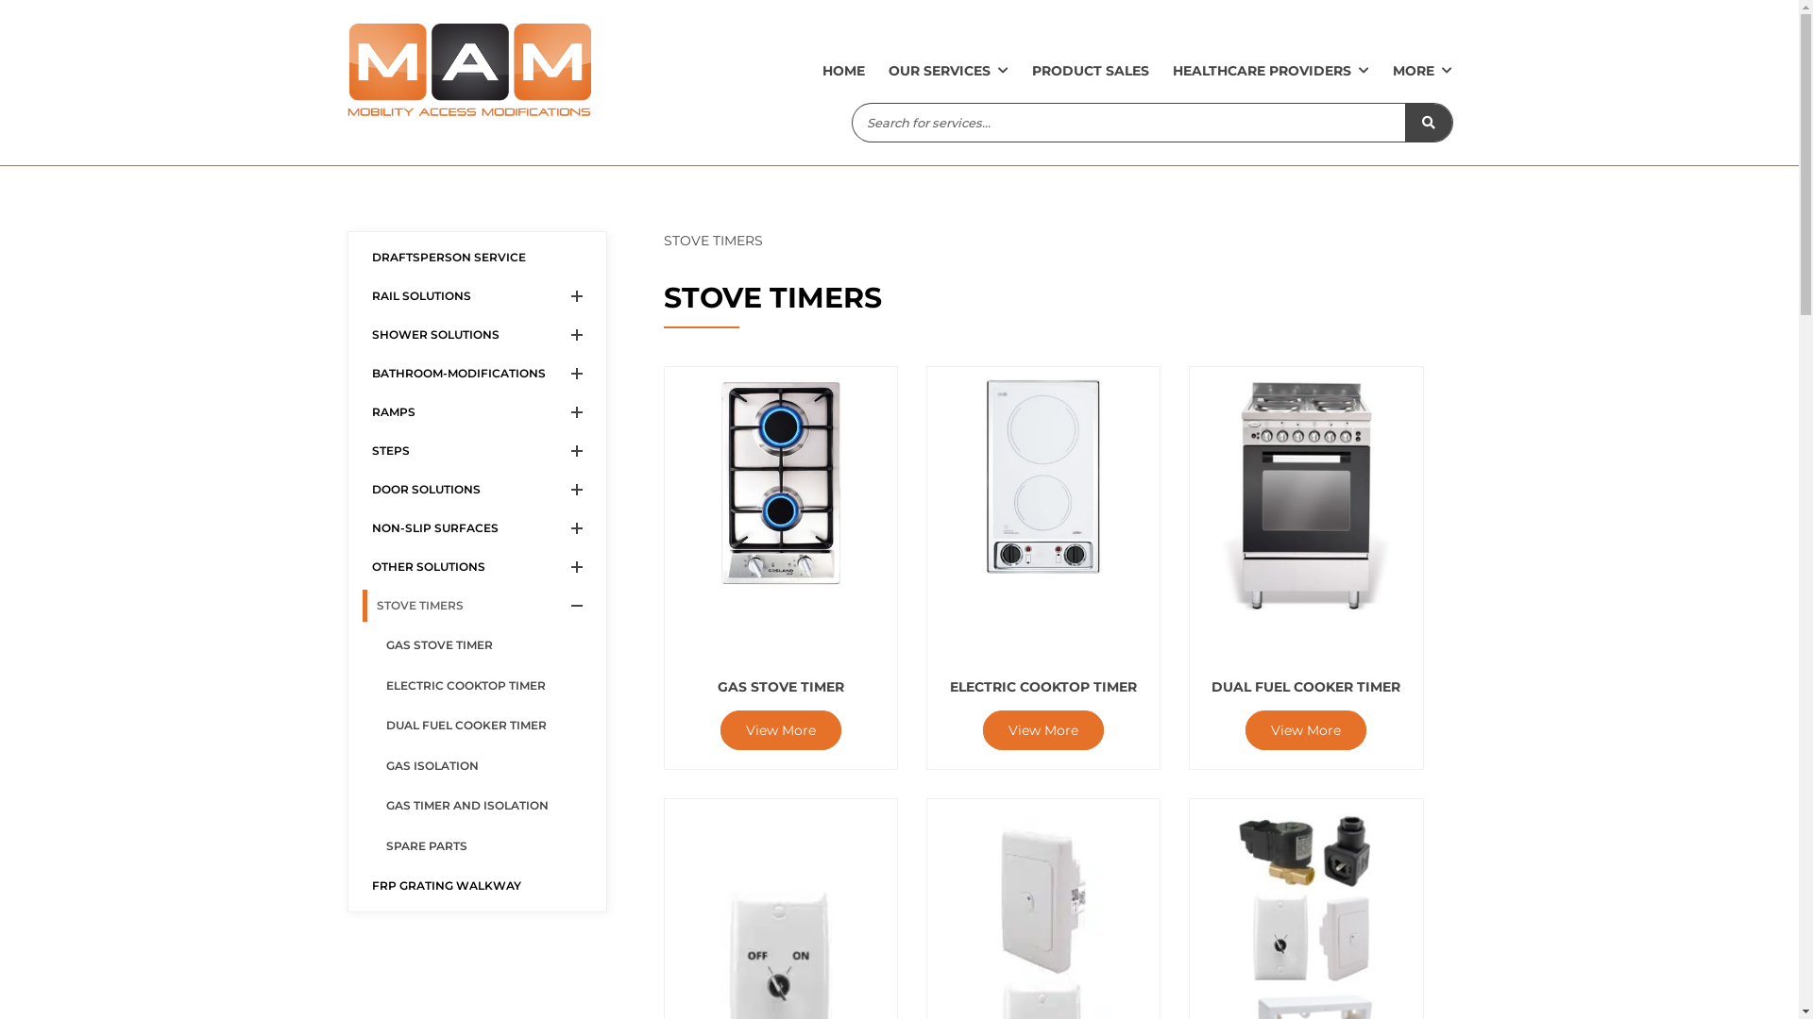  Describe the element at coordinates (938, 69) in the screenshot. I see `'OUR SERVICES'` at that location.